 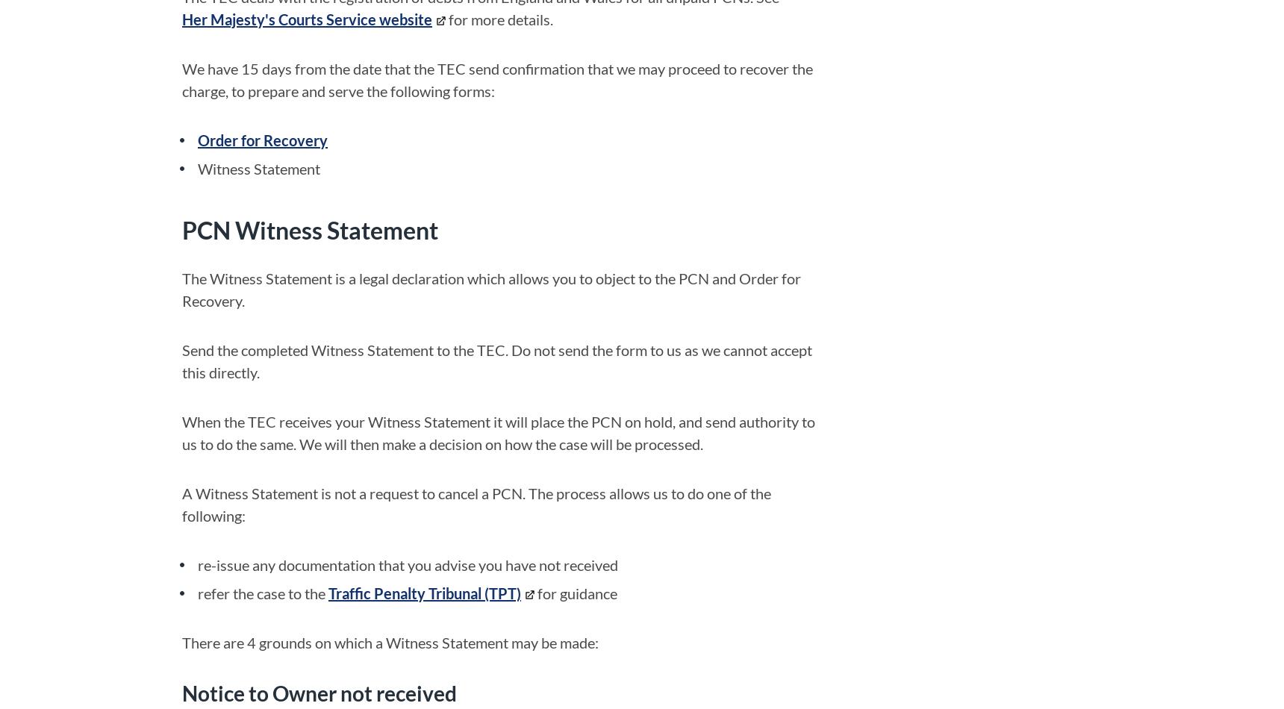 I want to click on 'Witness Statement', so click(x=198, y=167).